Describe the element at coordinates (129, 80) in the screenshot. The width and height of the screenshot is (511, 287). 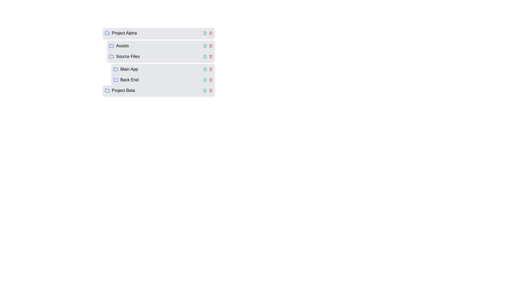
I see `the 'Back End' label located to the right of the blue folder icon in the project tree` at that location.